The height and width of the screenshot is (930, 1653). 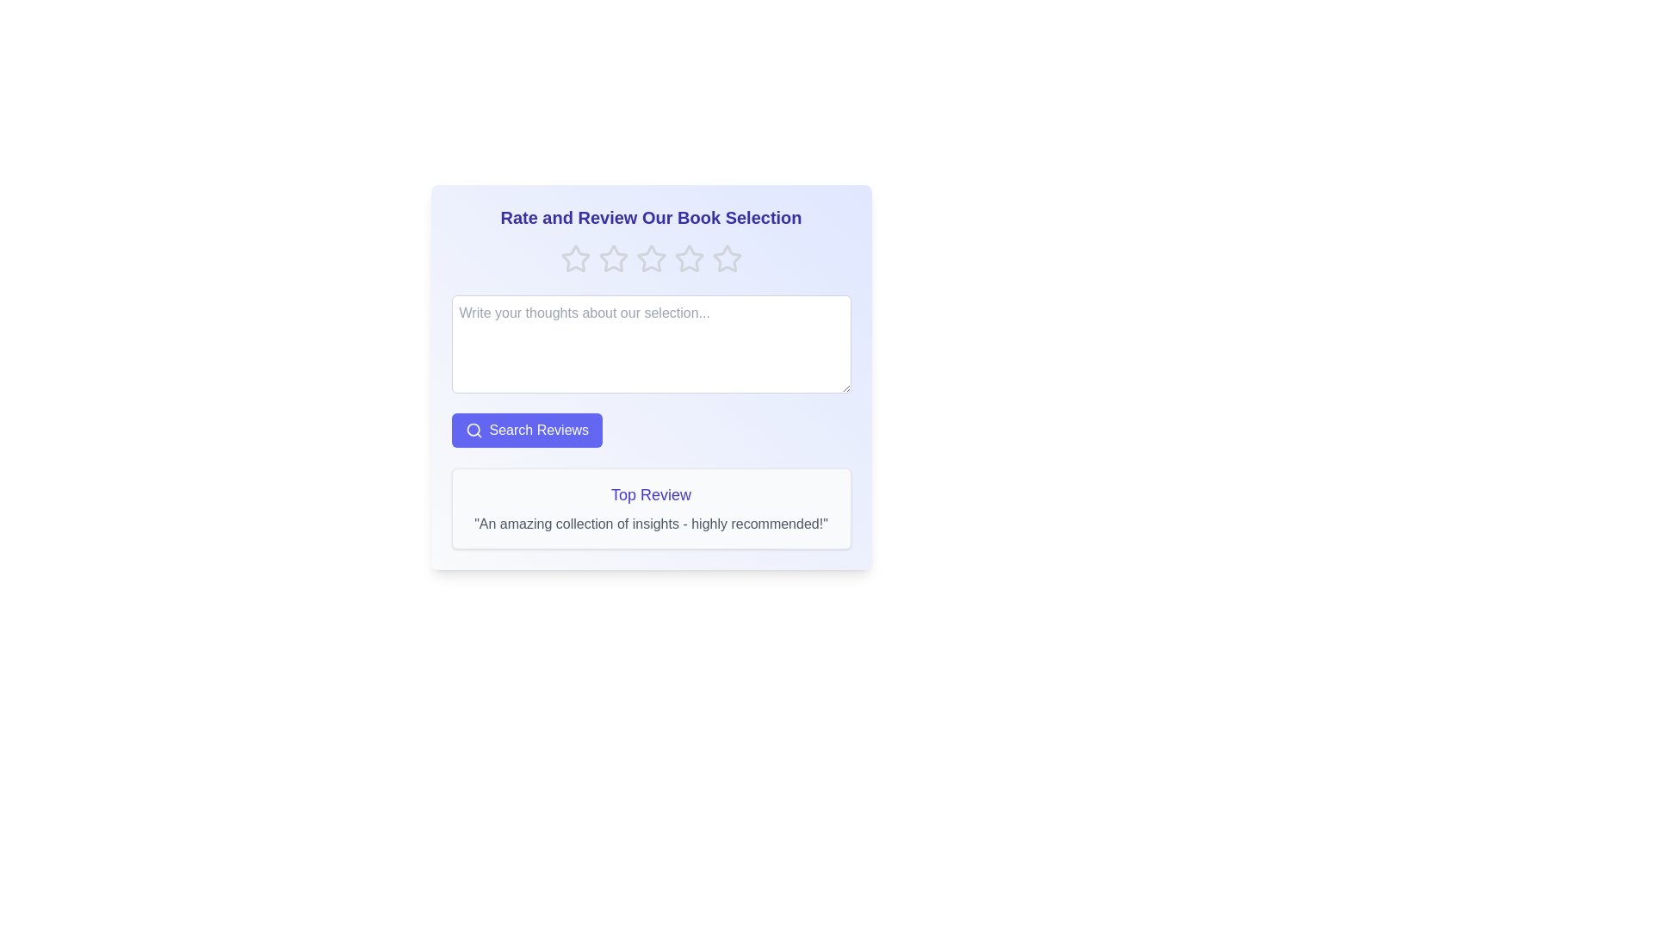 What do you see at coordinates (727, 258) in the screenshot?
I see `the star corresponding to 5 to preview the rating` at bounding box center [727, 258].